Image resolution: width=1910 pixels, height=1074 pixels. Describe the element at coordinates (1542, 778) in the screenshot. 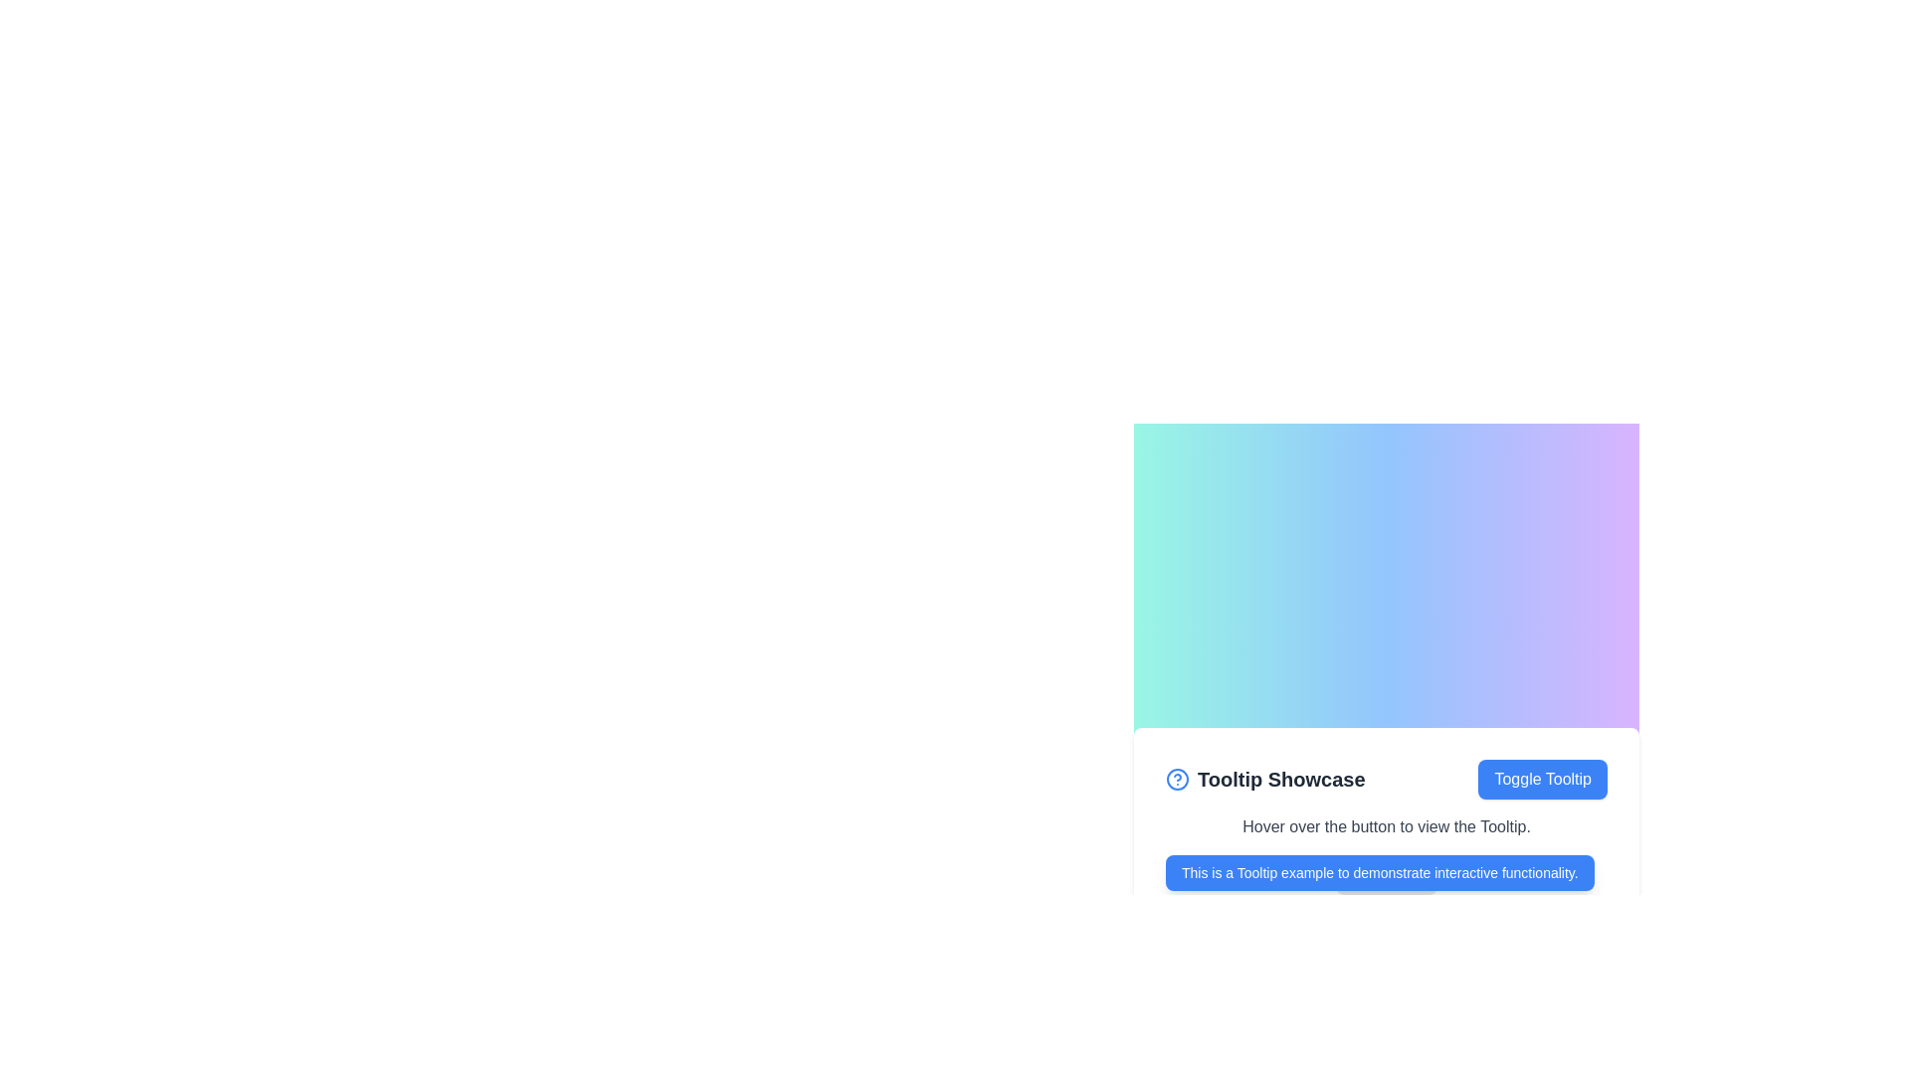

I see `the button located towards the right end of the horizontal layout adjacent to 'Tooltip Showcase'` at that location.